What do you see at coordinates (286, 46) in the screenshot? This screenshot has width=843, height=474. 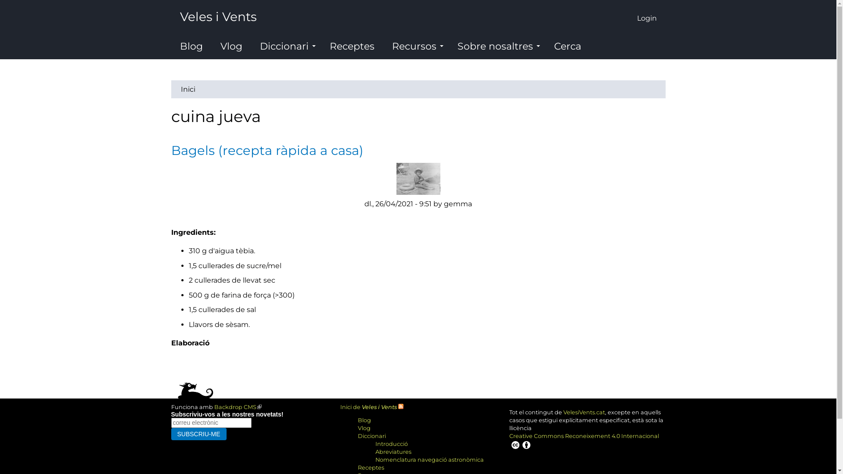 I see `'Diccionari'` at bounding box center [286, 46].